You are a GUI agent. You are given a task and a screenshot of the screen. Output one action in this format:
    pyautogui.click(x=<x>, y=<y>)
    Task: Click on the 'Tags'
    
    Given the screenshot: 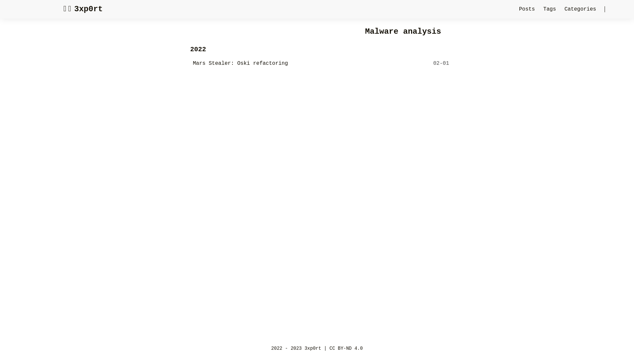 What is the action you would take?
    pyautogui.click(x=551, y=9)
    